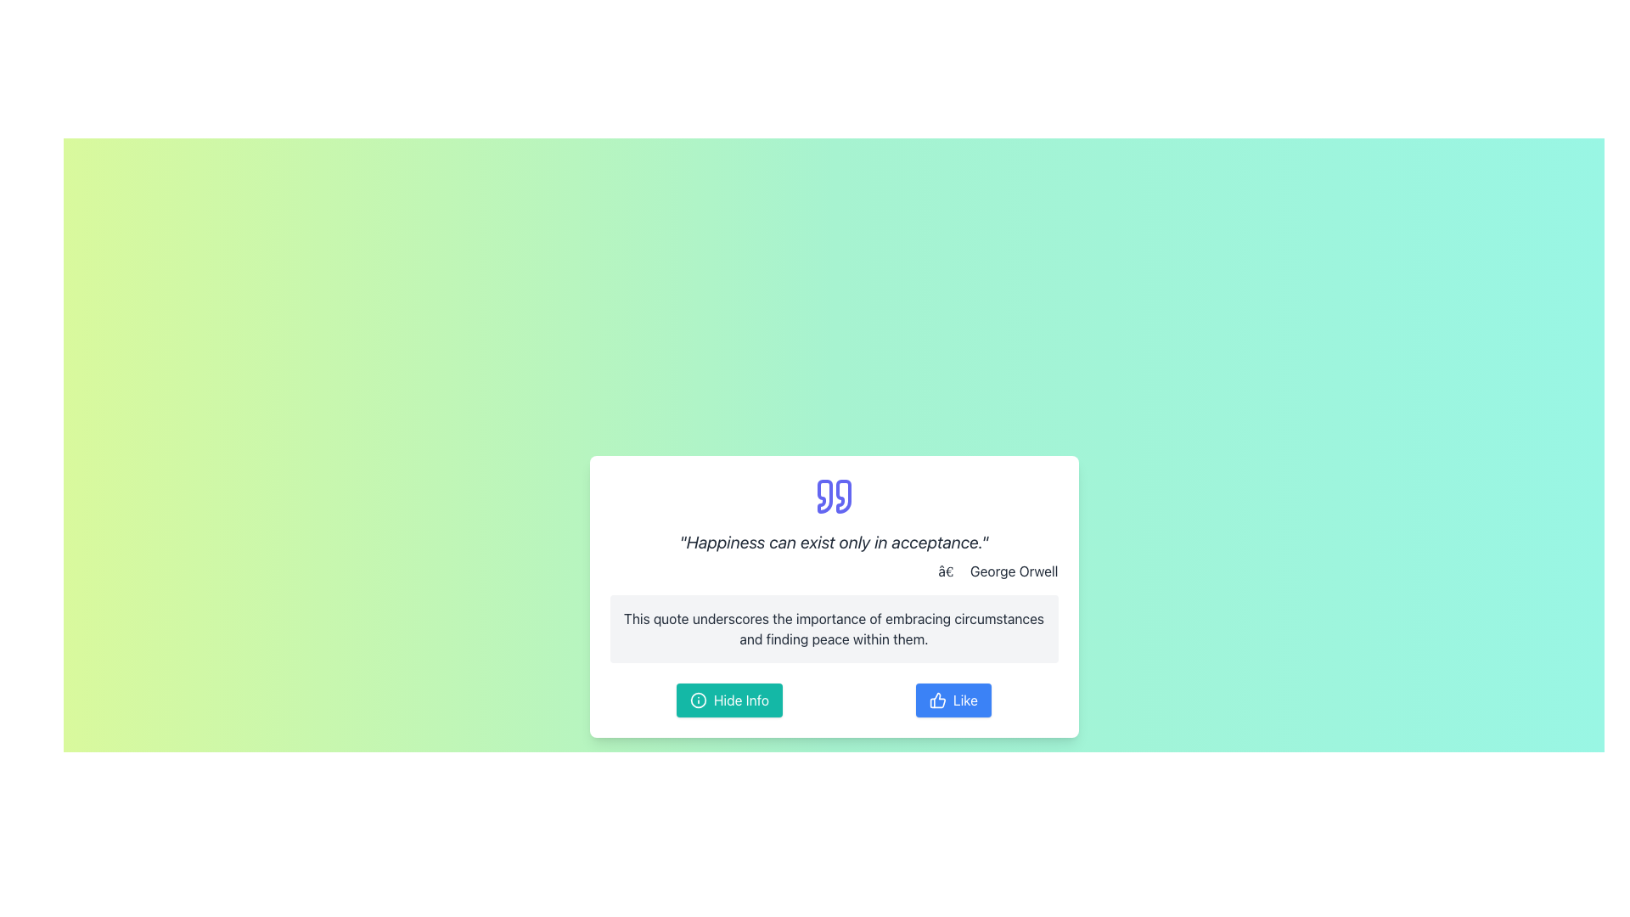 The image size is (1630, 917). Describe the element at coordinates (834, 628) in the screenshot. I see `the Descriptive Text Box located below the quote 'Happiness can exist only in acceptance.' and above the buttons 'Hide Info' and 'Like'` at that location.